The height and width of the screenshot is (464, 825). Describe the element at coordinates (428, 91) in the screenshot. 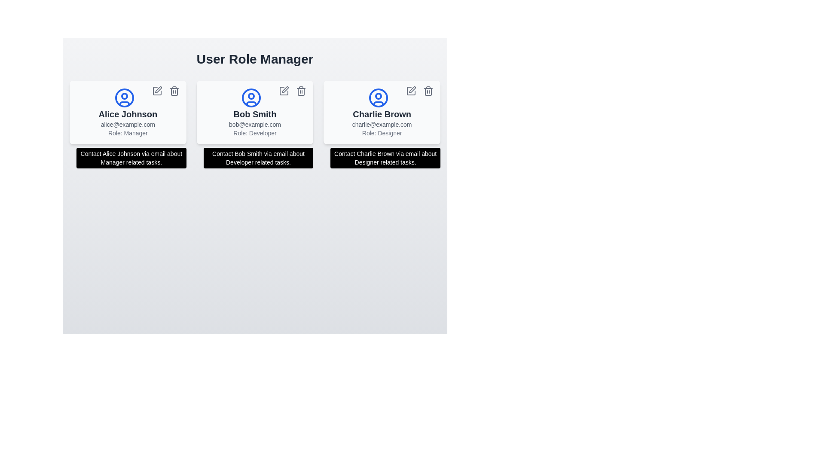

I see `the trash bin icon button located in the top-right corner of the card for 'Charlie Brown', the Designer` at that location.